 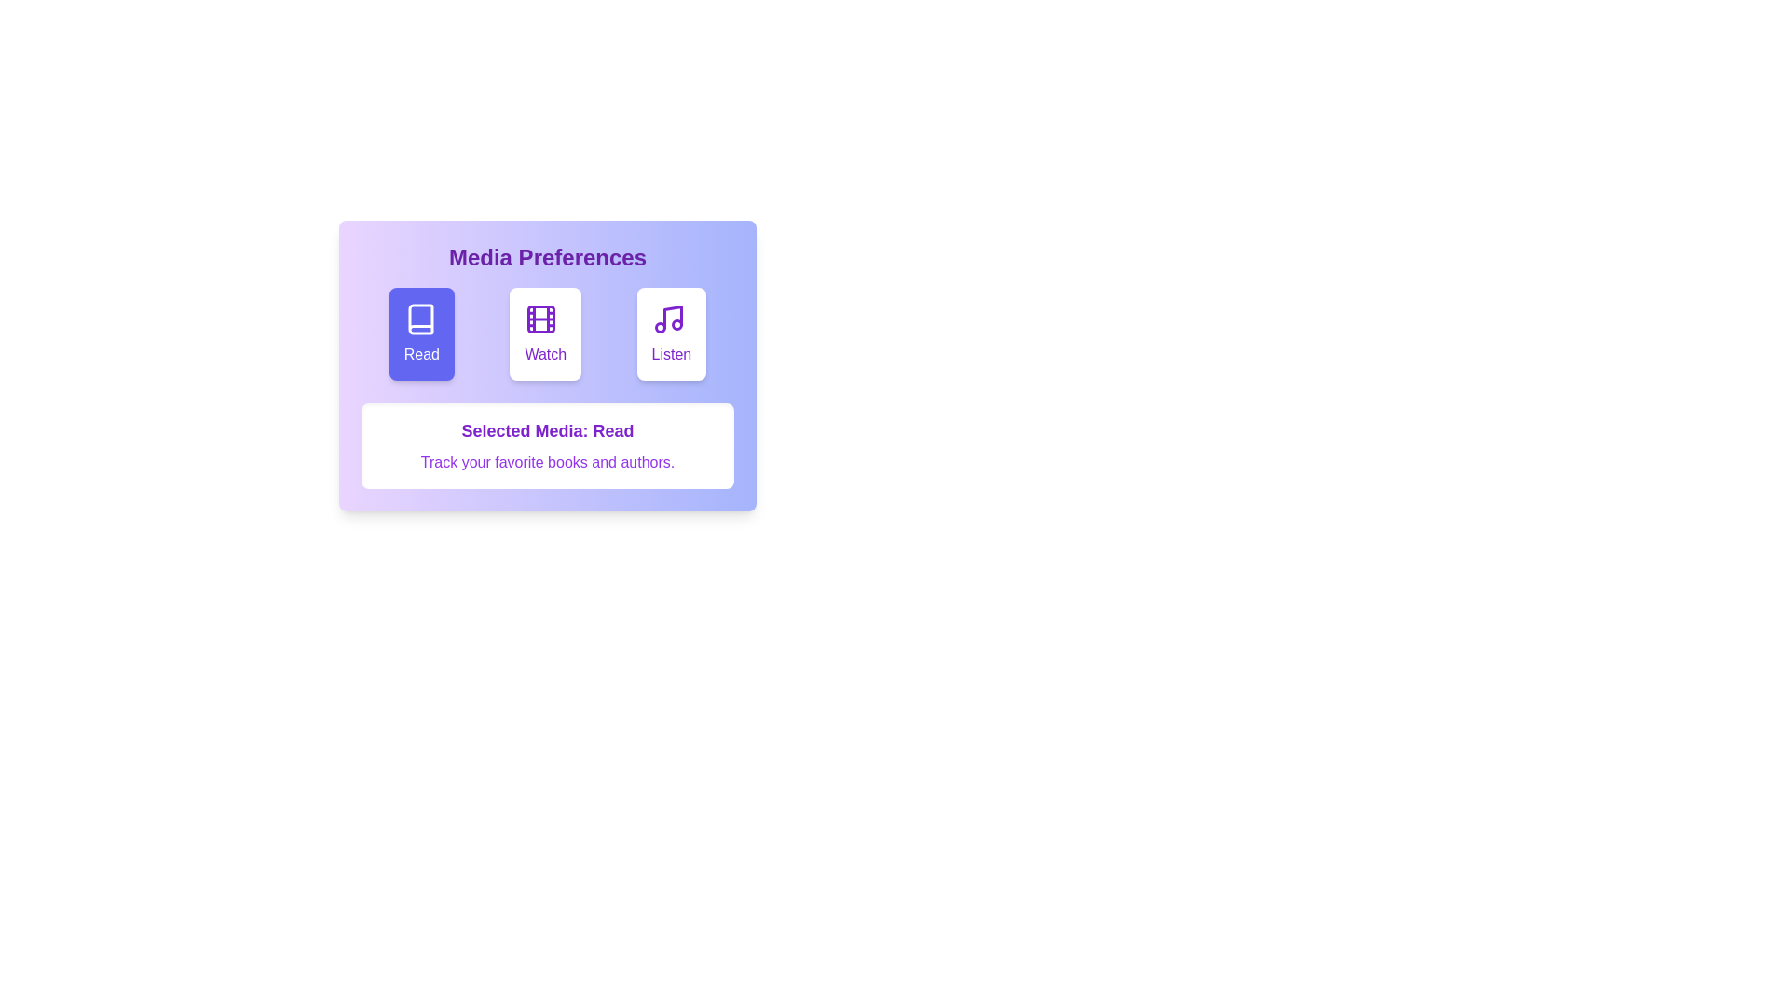 I want to click on the media type Read by clicking on the corresponding button, so click(x=420, y=333).